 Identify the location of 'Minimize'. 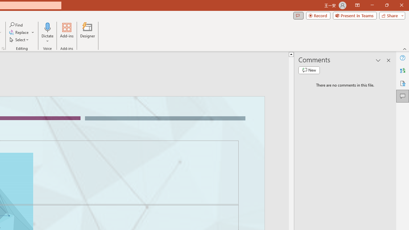
(372, 5).